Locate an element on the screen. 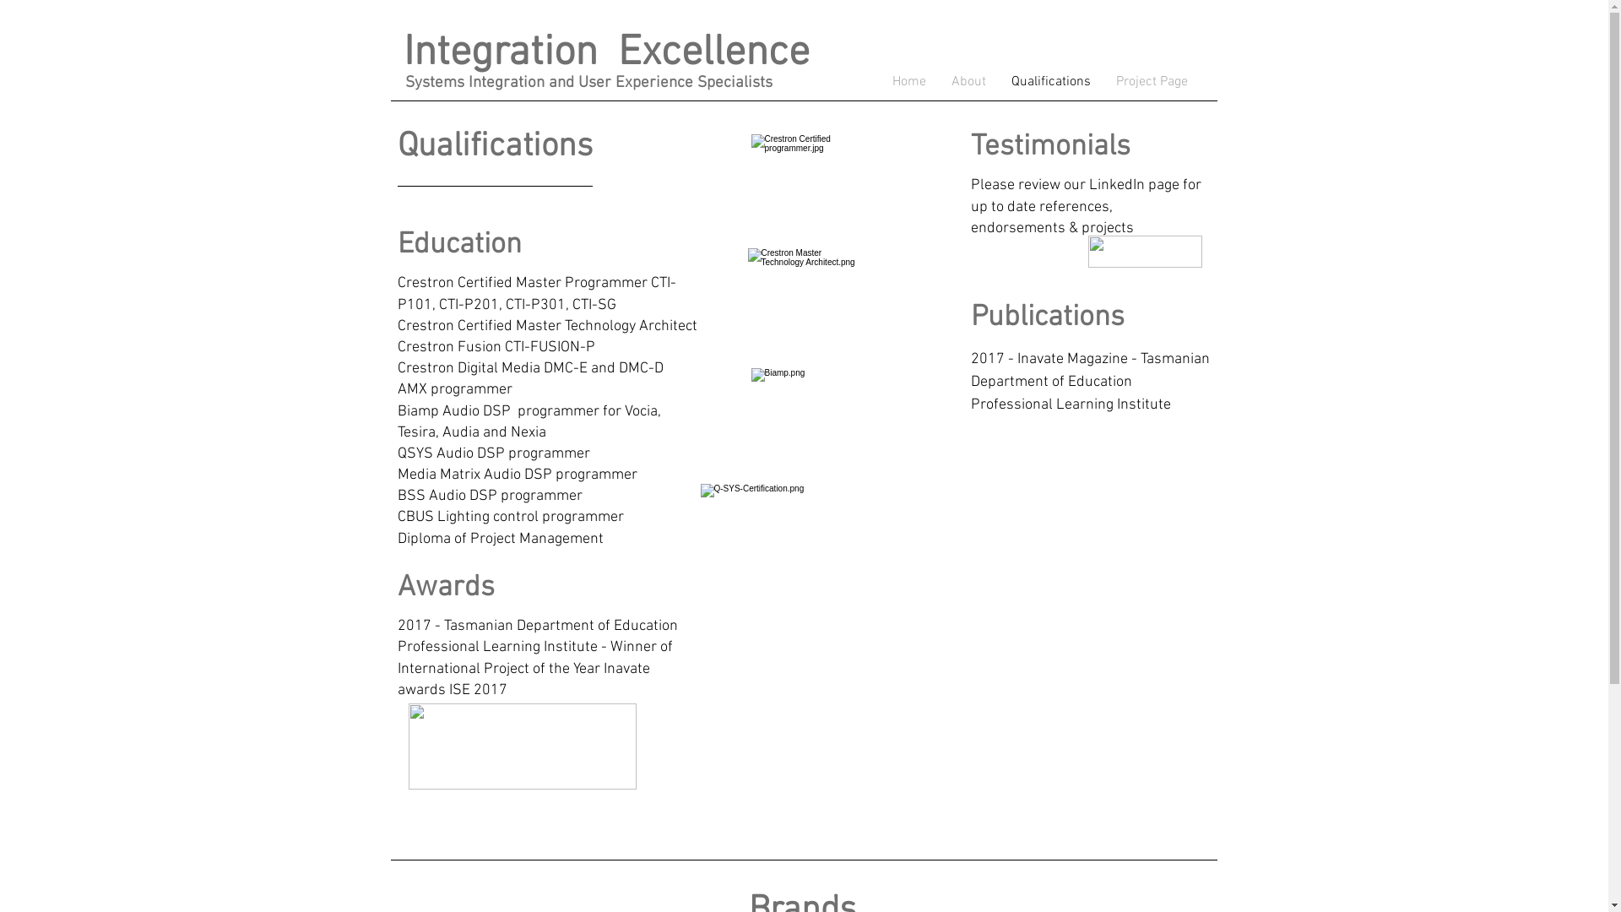 This screenshot has width=1621, height=912. 'Home' is located at coordinates (878, 81).